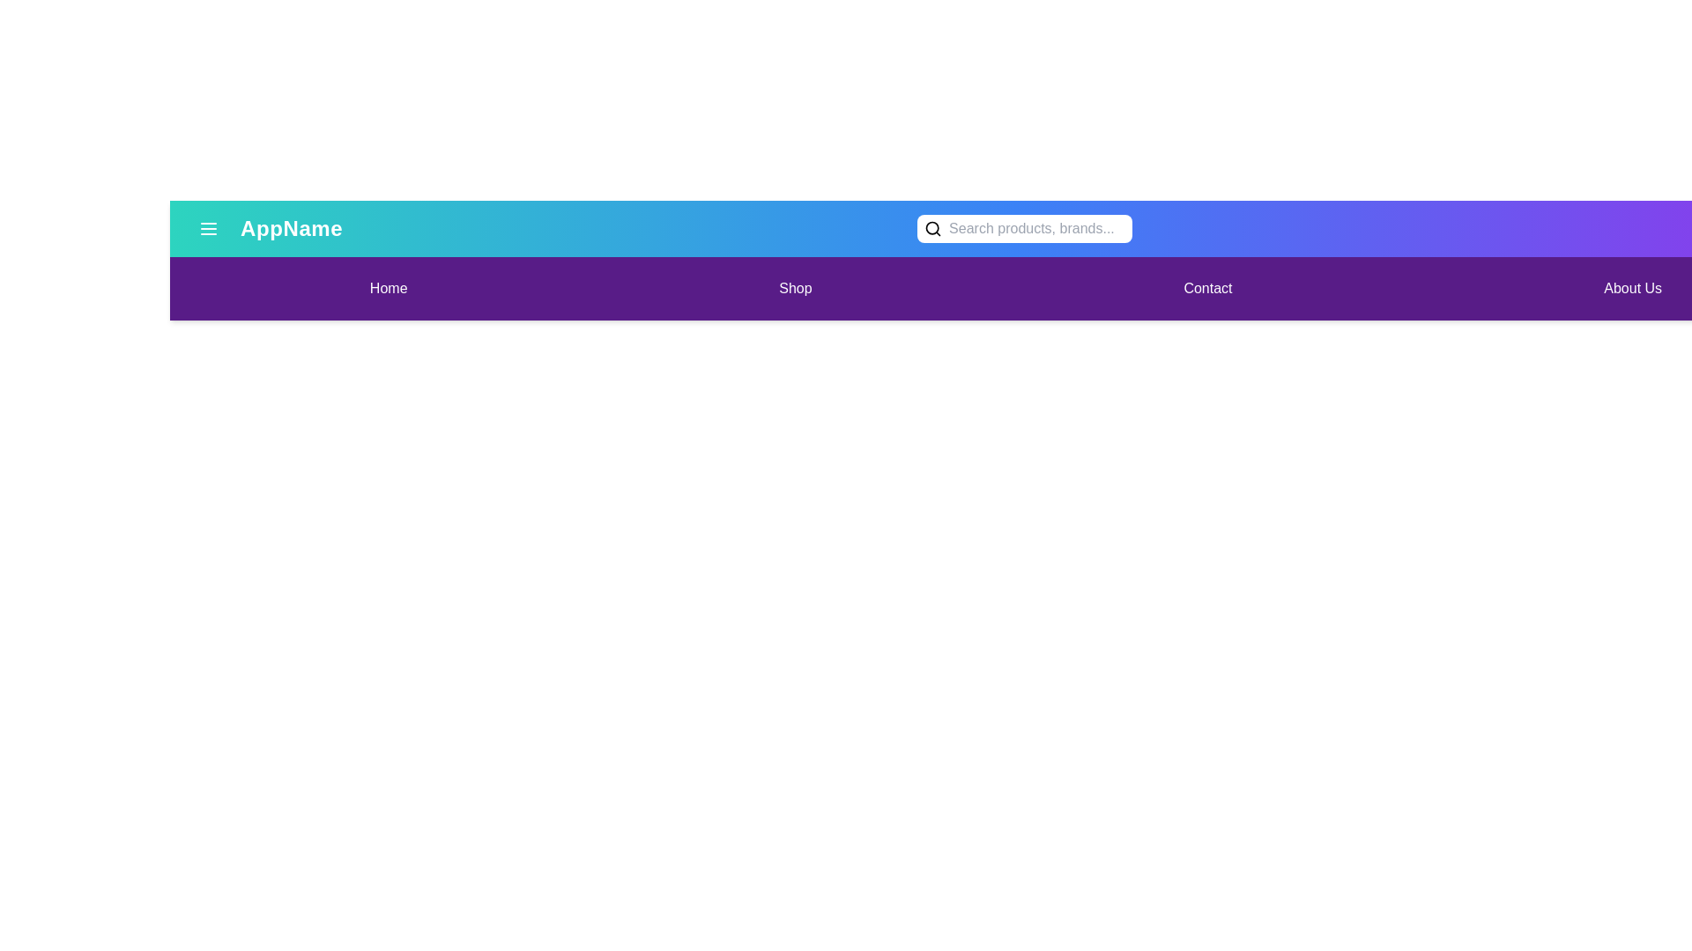 The image size is (1692, 951). I want to click on the 'Contact' button-like navigation link in the upper section of the page to change its background color, so click(1206, 287).